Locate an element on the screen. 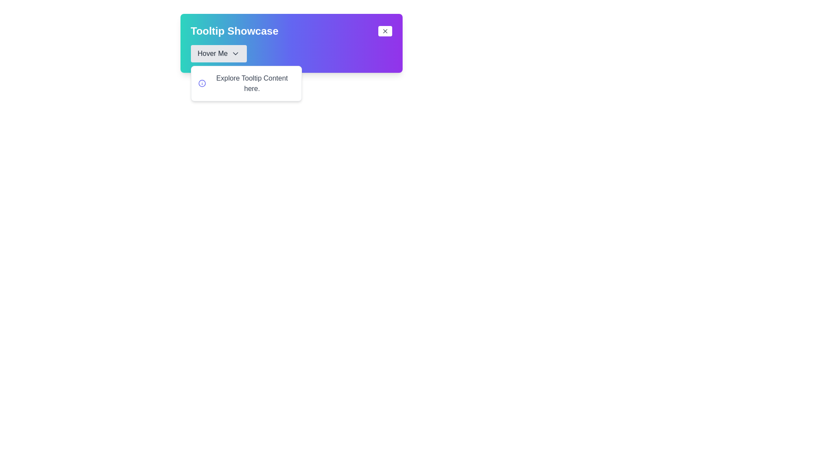 This screenshot has width=833, height=468. the downward-pointing chevron SVG icon located to the right of the 'Hover Me' button text is located at coordinates (235, 53).